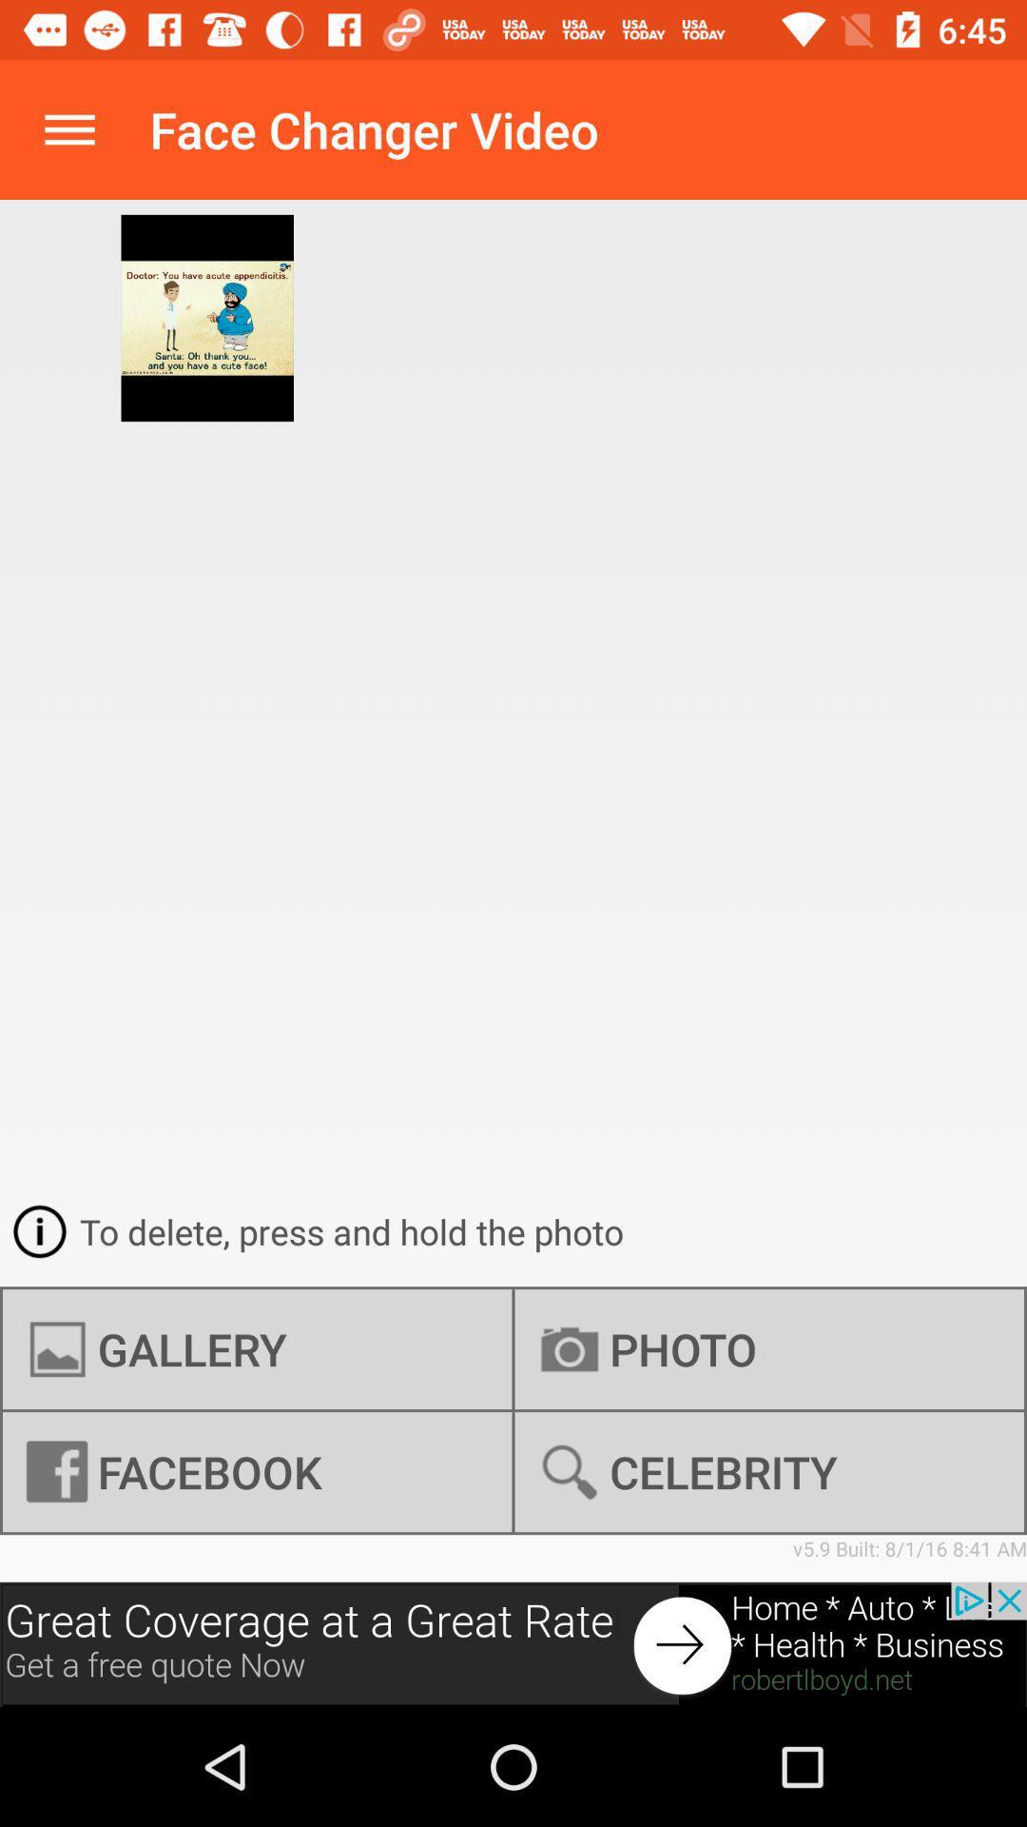 Image resolution: width=1027 pixels, height=1827 pixels. What do you see at coordinates (513, 1643) in the screenshot?
I see `advertisement` at bounding box center [513, 1643].